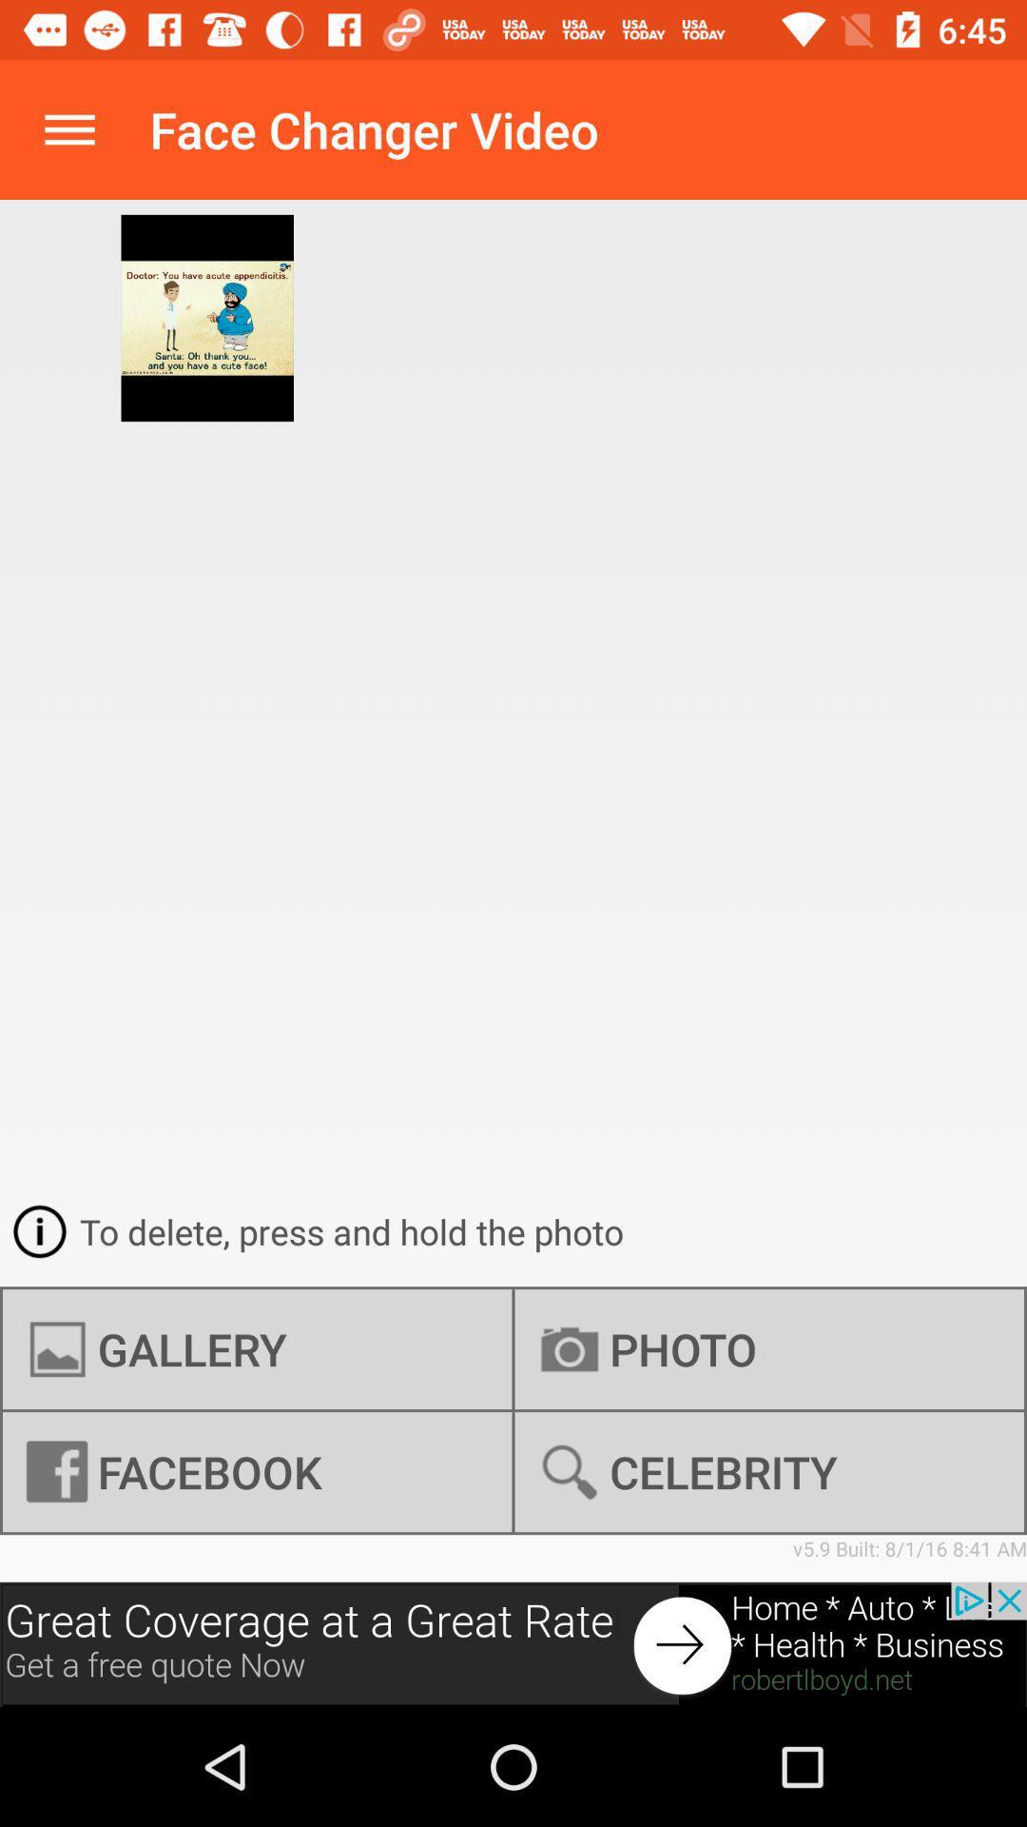 Image resolution: width=1027 pixels, height=1827 pixels. What do you see at coordinates (513, 1643) in the screenshot?
I see `advertisement` at bounding box center [513, 1643].